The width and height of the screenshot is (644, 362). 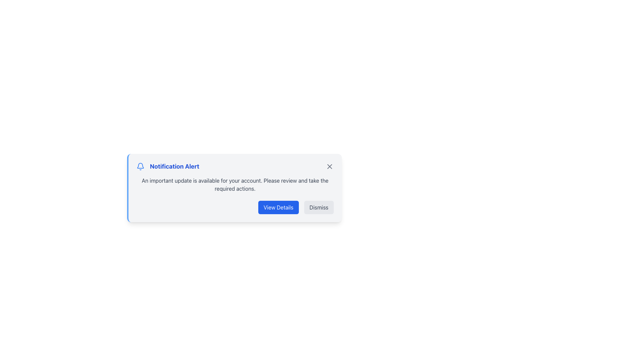 What do you see at coordinates (140, 166) in the screenshot?
I see `the bell icon with a blue outline indicating a notification, located to the left of the 'Notification Alert' text at the top of the notification card` at bounding box center [140, 166].